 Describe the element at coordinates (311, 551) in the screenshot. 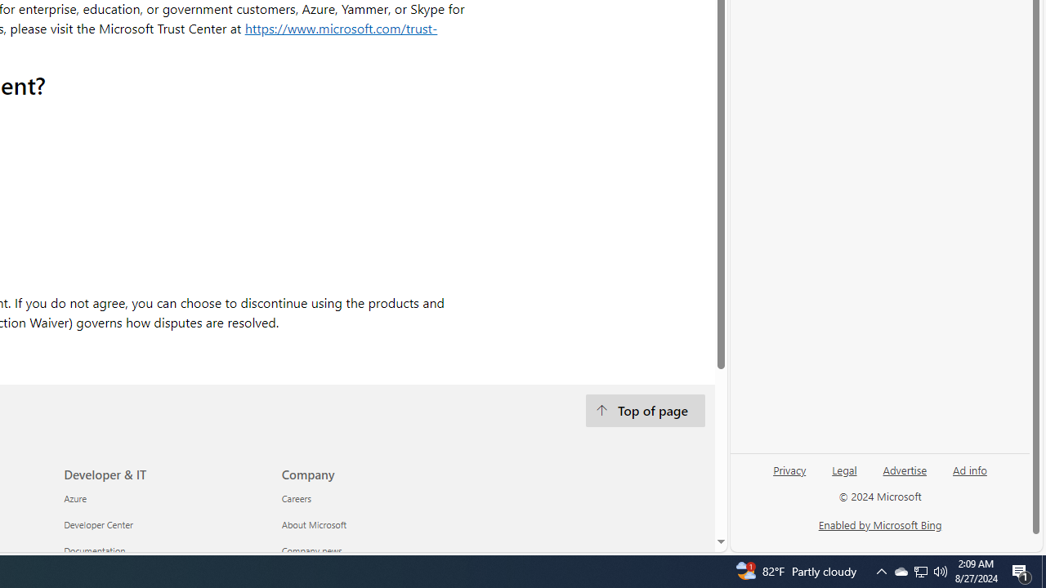

I see `'Company news Company'` at that location.